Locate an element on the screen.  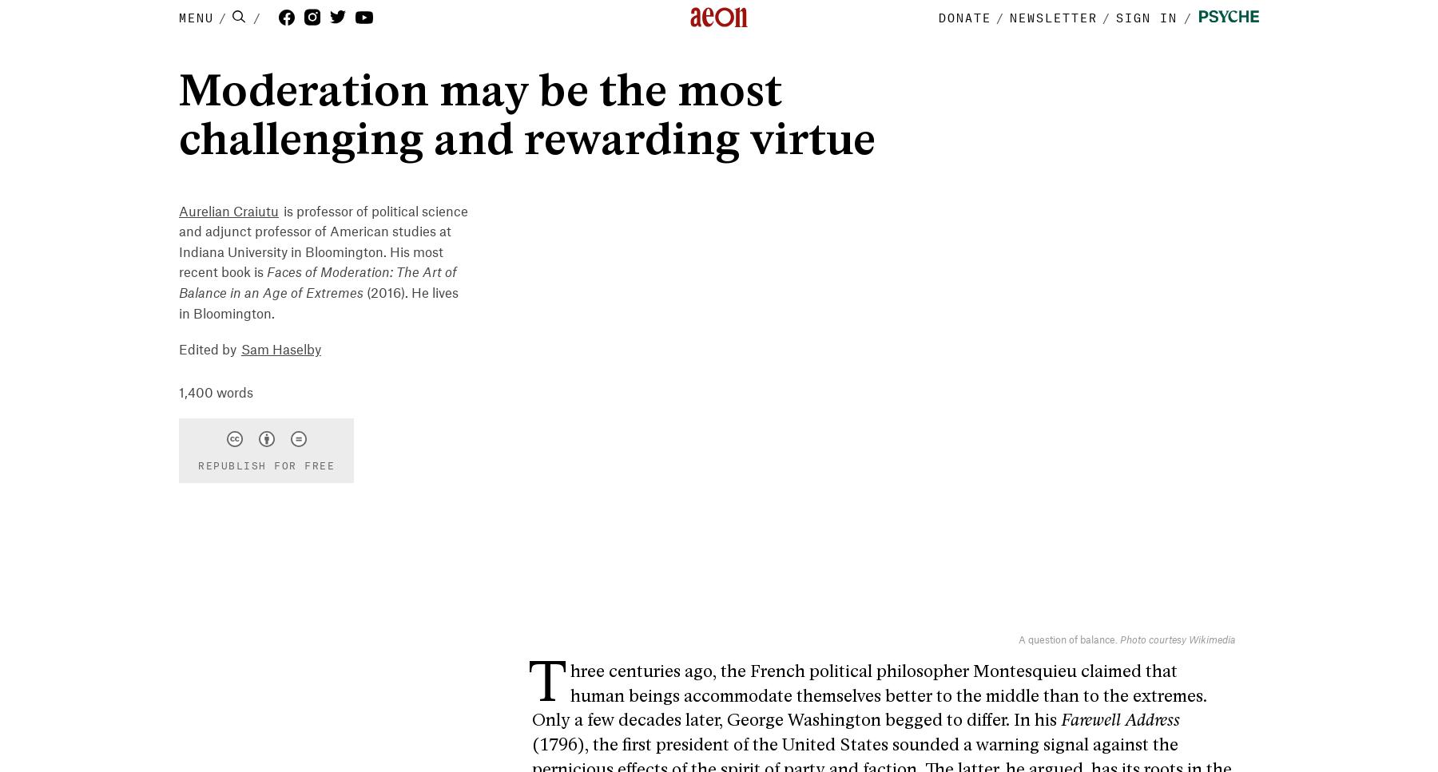
'Philosophy' is located at coordinates (232, 73).